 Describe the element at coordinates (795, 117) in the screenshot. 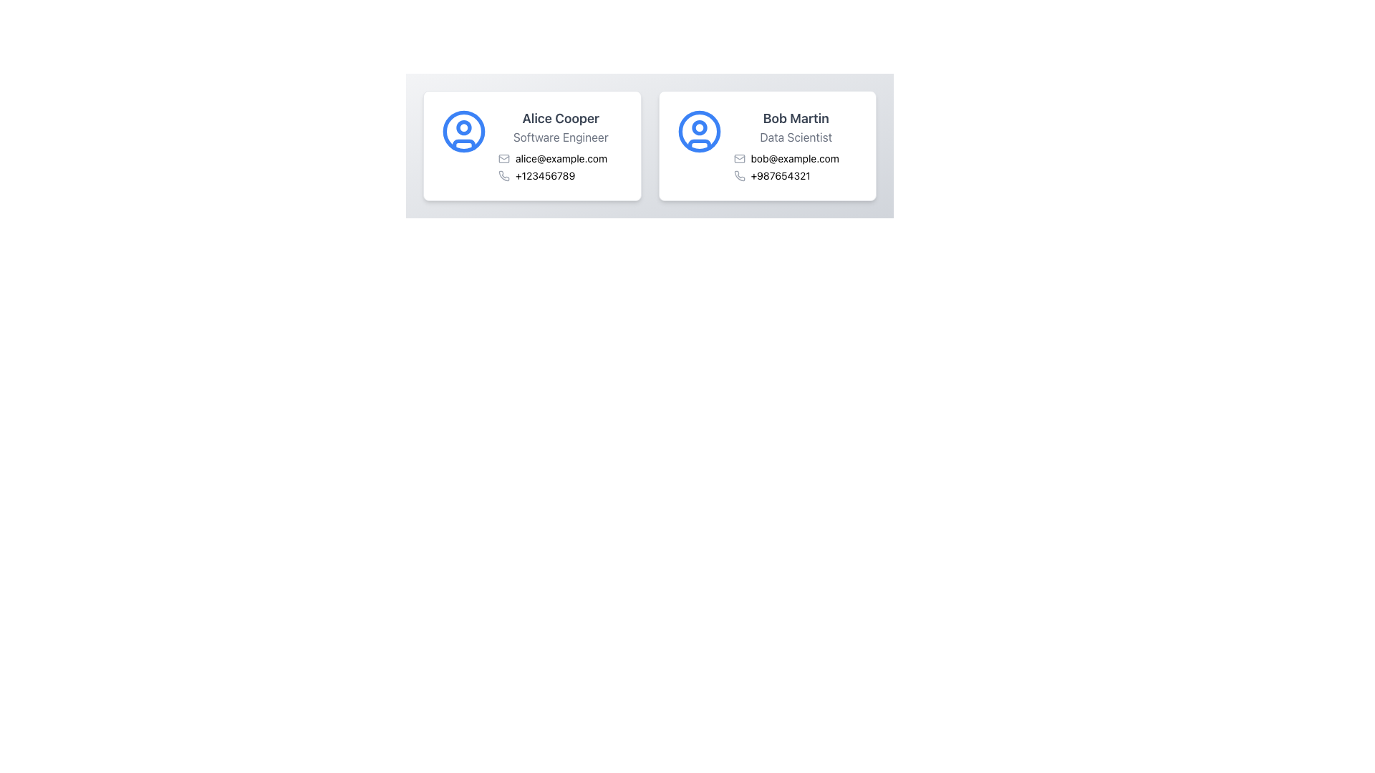

I see `the text label displaying 'Bob Martin' in the second profile card, which is above the 'Data Scientist' label and beside the profile icon` at that location.